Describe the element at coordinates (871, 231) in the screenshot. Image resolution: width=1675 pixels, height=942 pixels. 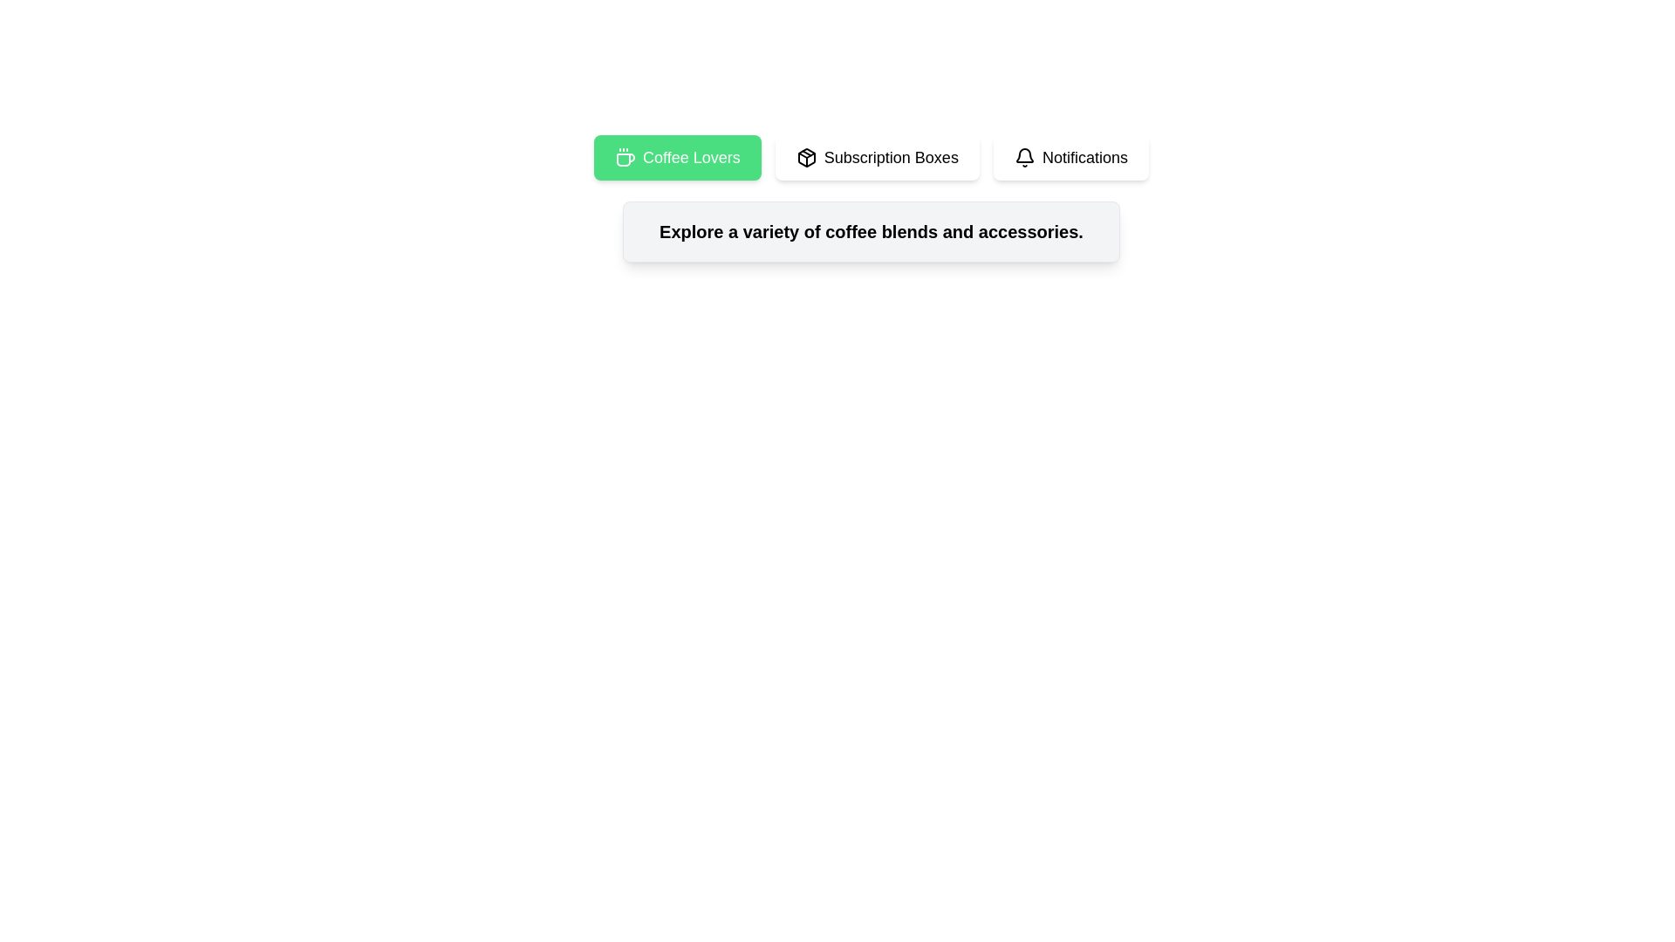
I see `the text element displaying 'Explore a variety of coffee blends and accessories.' which is centrally positioned within a bordered and shadowed gray box` at that location.